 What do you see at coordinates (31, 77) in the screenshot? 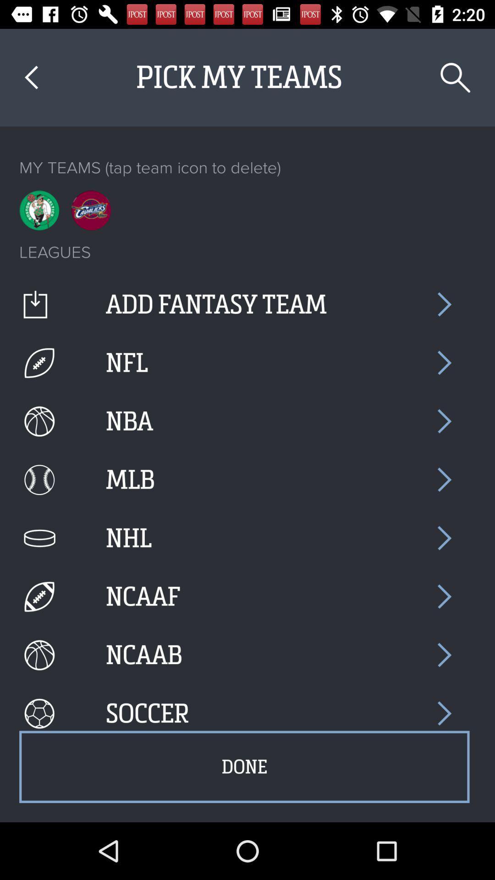
I see `the icon next to the pick my teams icon` at bounding box center [31, 77].